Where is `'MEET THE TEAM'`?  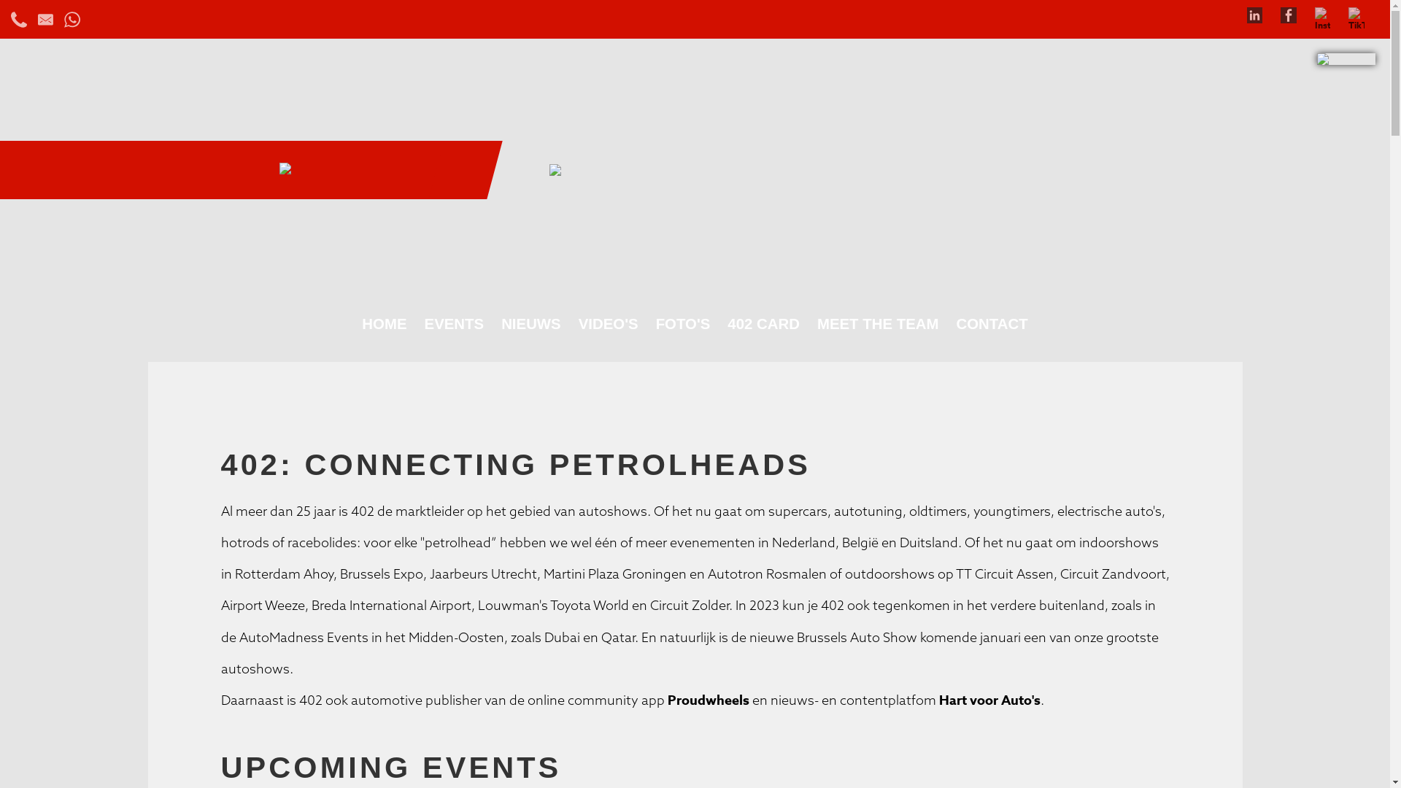
'MEET THE TEAM' is located at coordinates (877, 323).